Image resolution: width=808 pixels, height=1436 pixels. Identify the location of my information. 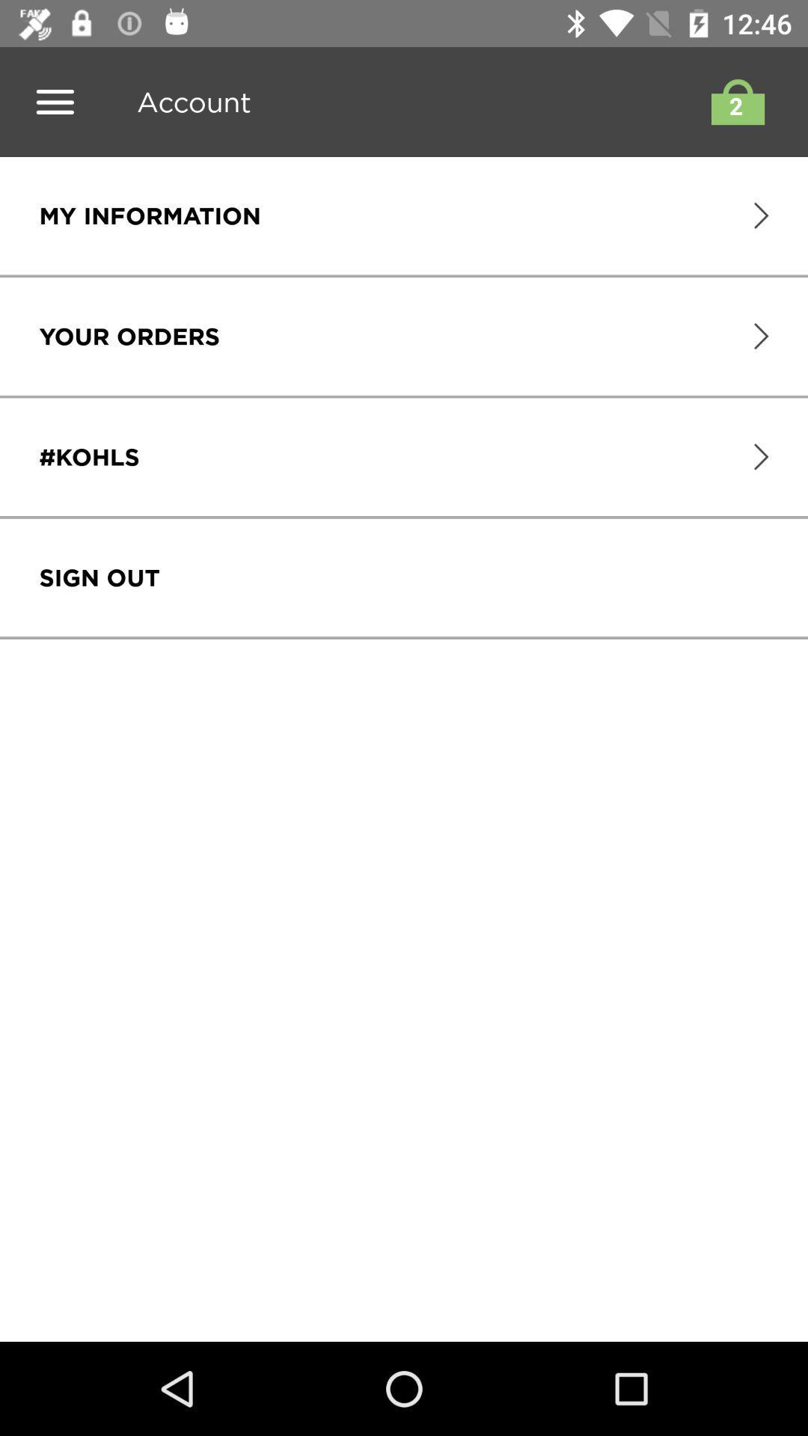
(150, 215).